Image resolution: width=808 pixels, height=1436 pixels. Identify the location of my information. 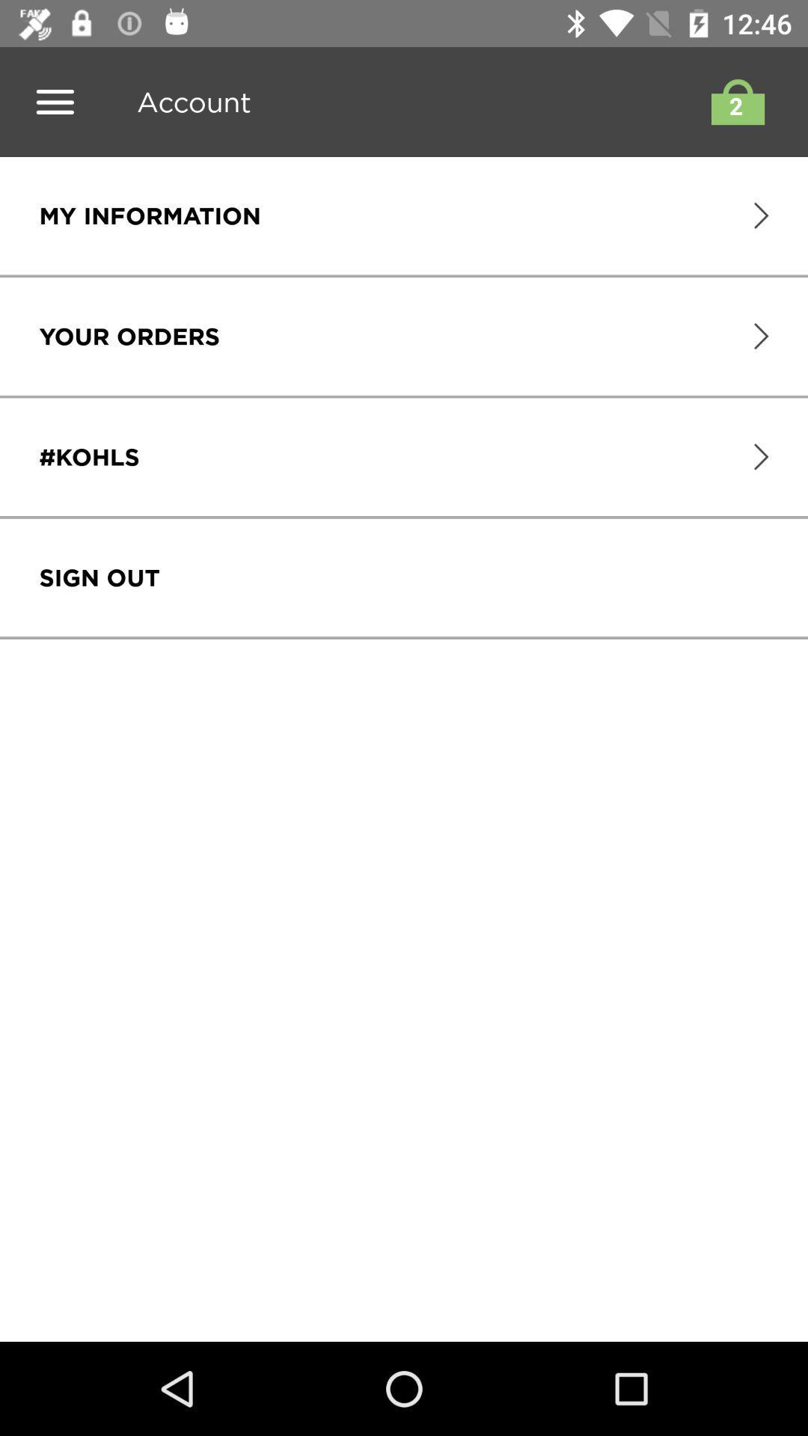
(150, 215).